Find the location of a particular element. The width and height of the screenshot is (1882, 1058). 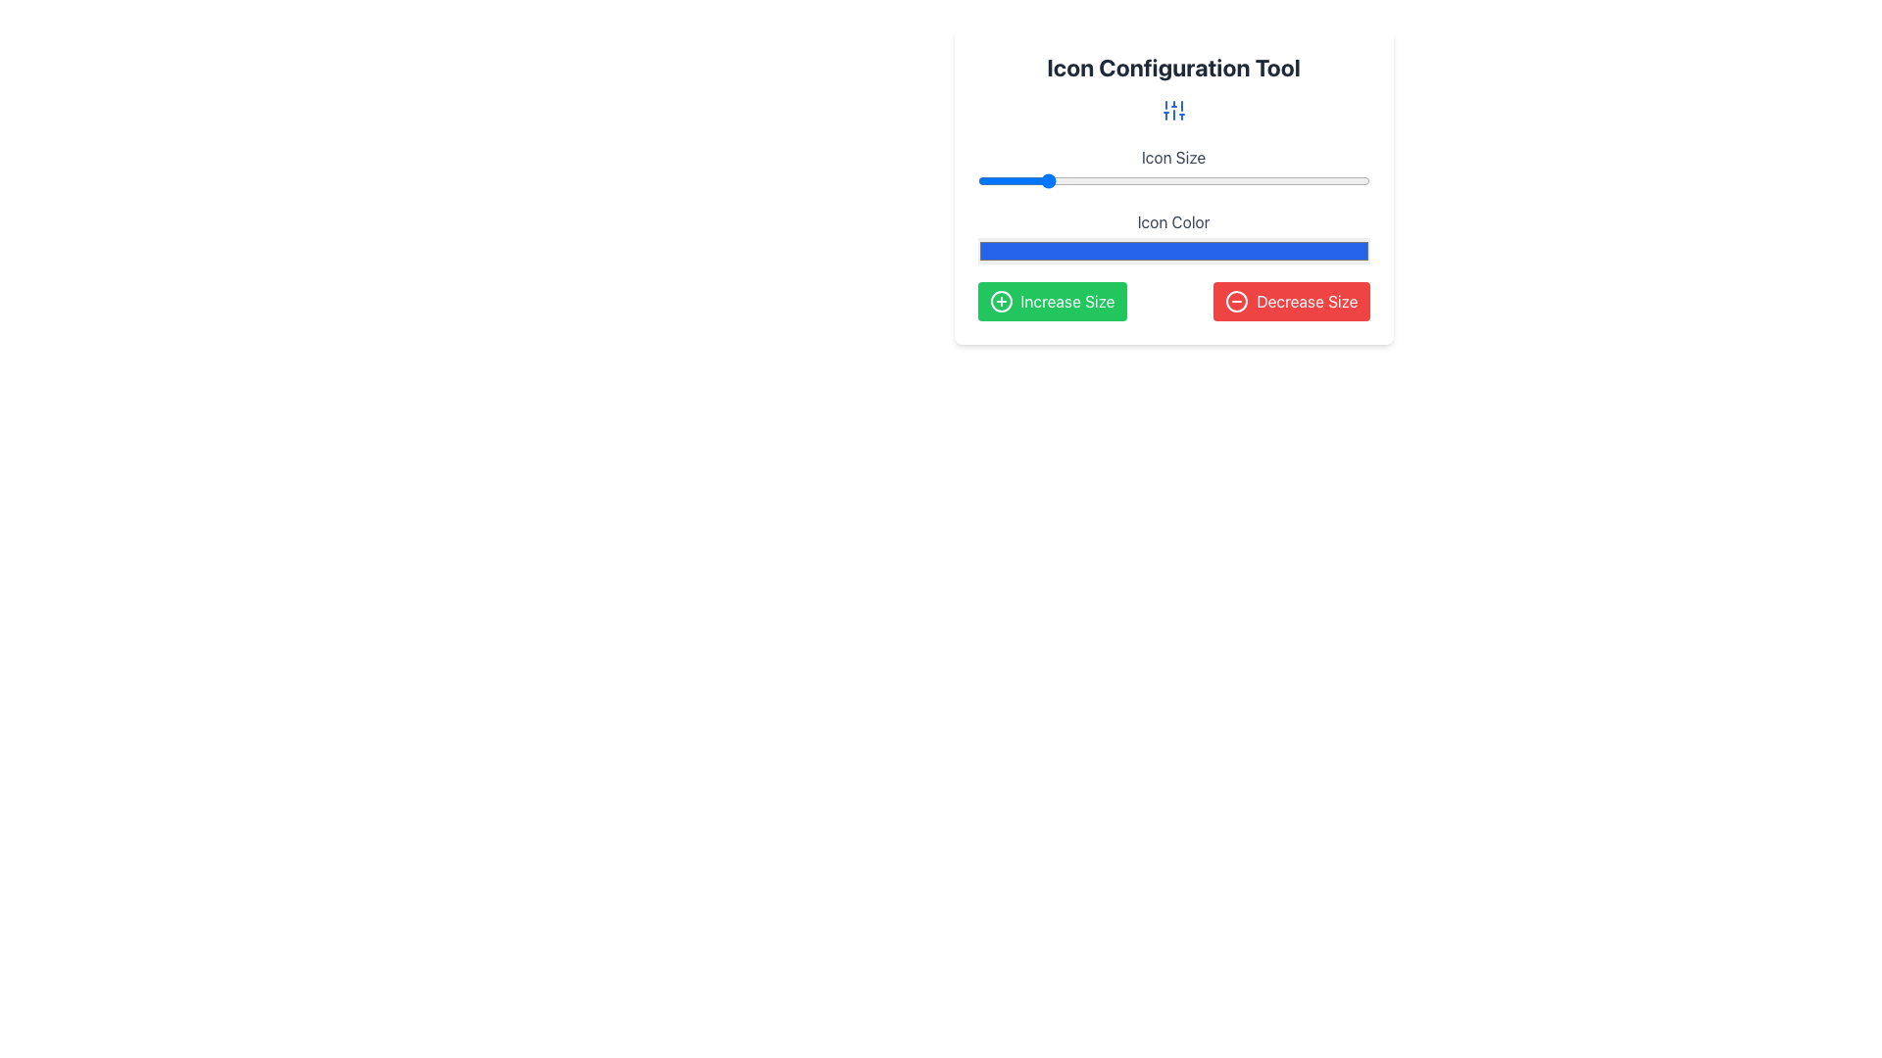

icon size is located at coordinates (1180, 181).